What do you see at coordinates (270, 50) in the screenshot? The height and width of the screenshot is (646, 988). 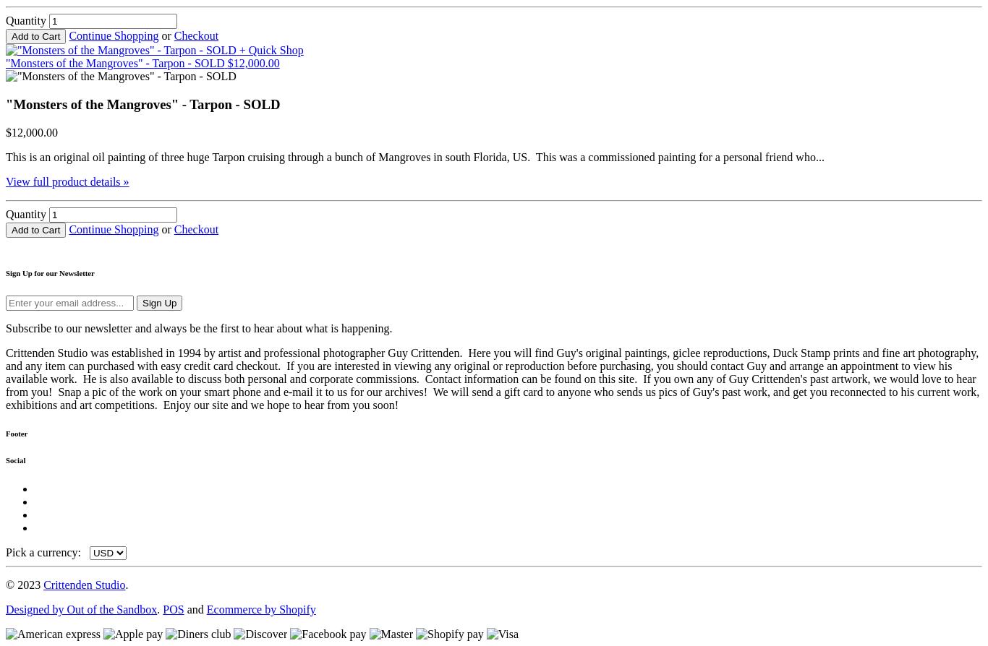 I see `'+ Quick Shop'` at bounding box center [270, 50].